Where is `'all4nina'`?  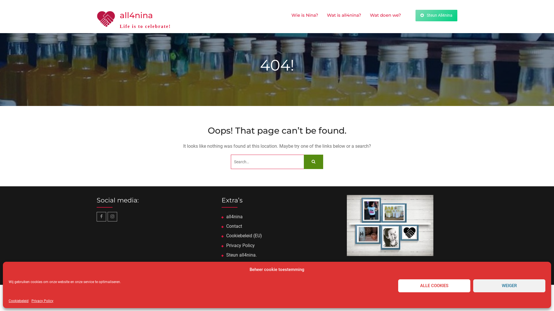
'all4nina' is located at coordinates (136, 15).